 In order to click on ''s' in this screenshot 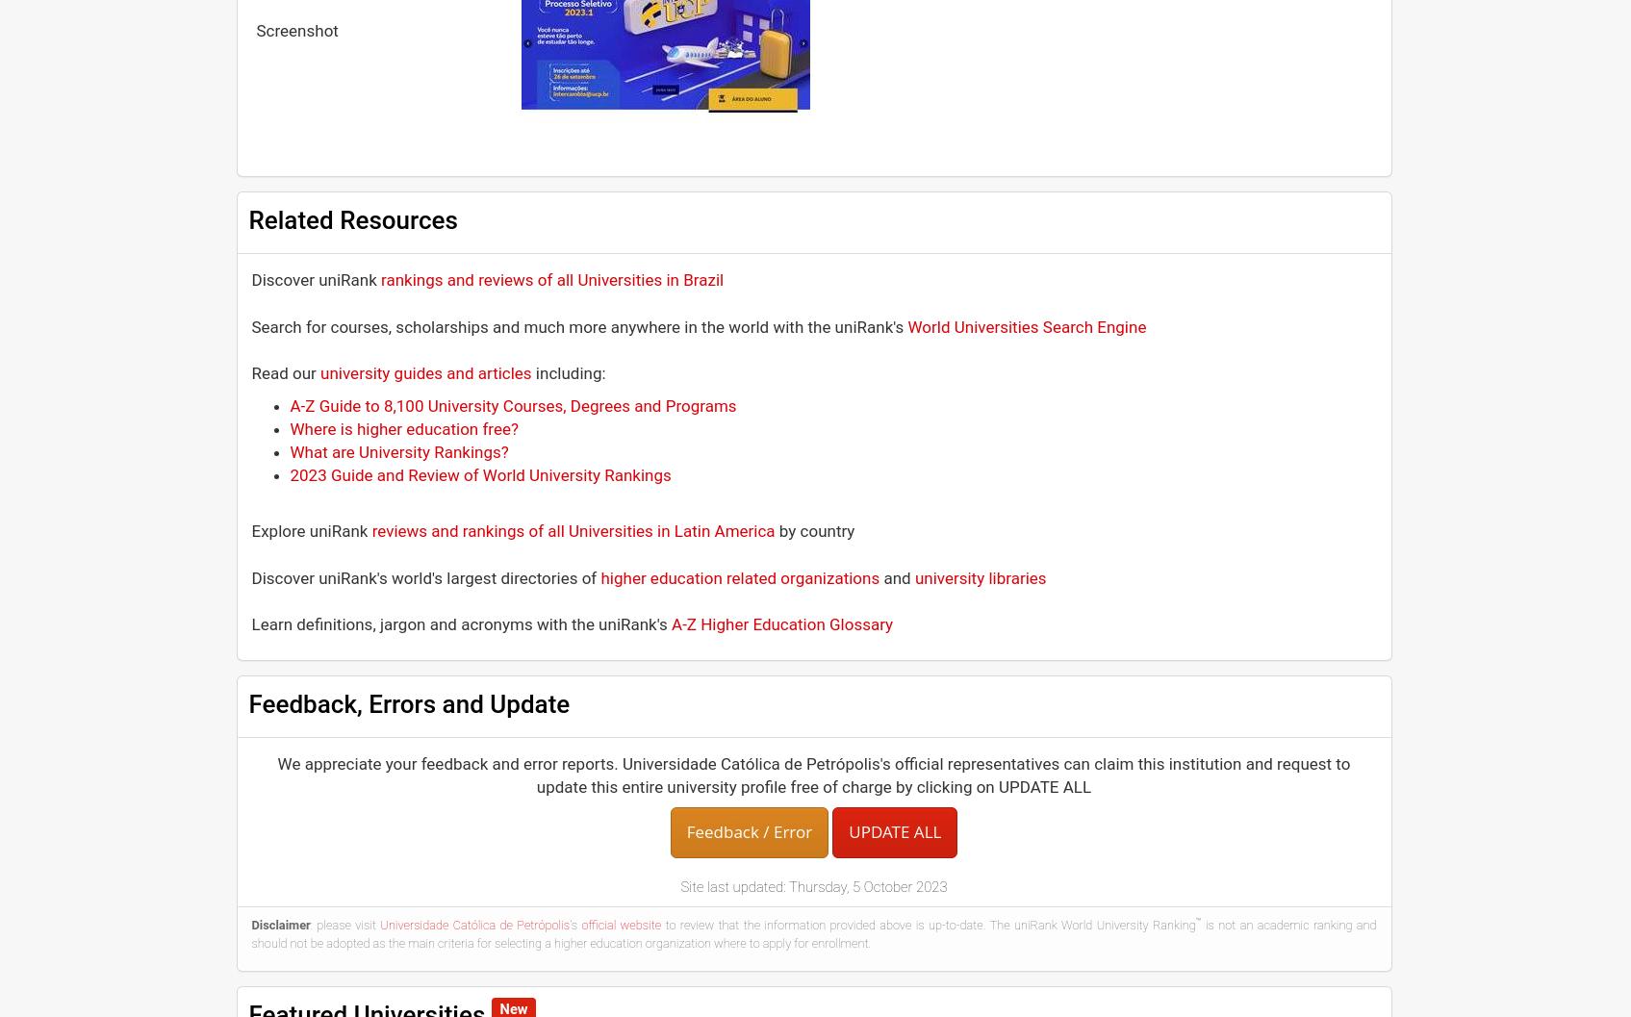, I will do `click(573, 925)`.